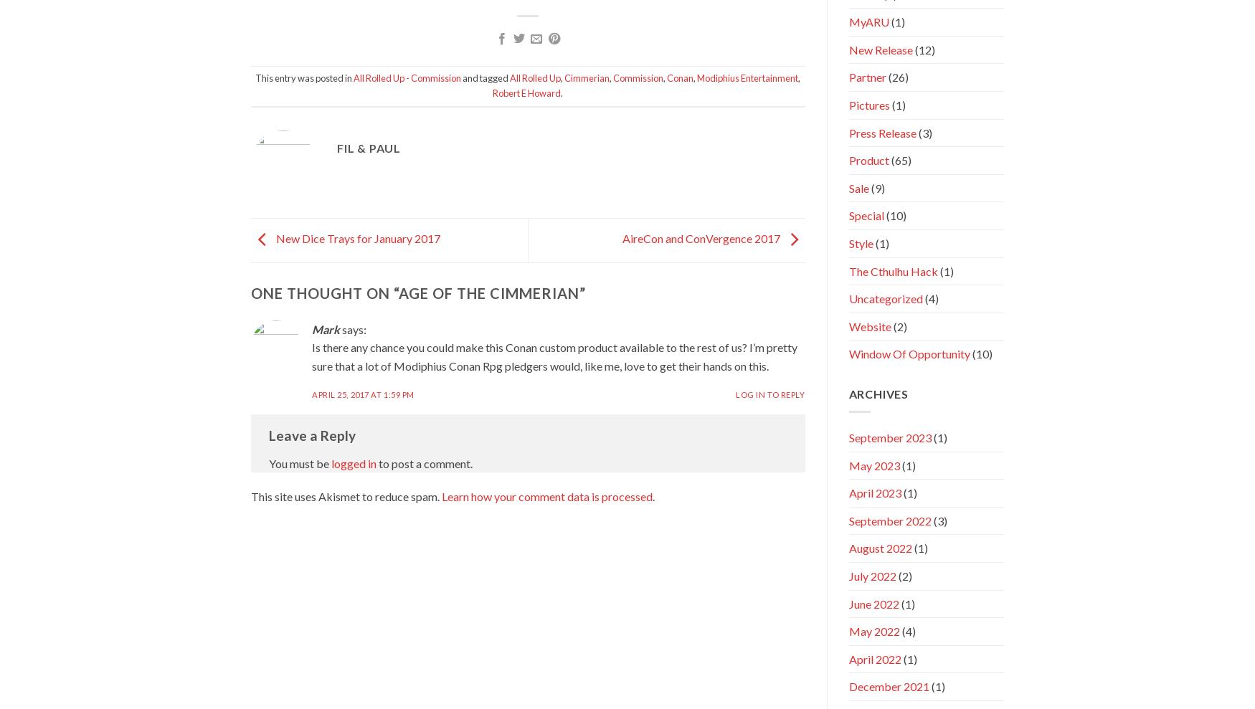 This screenshot has height=709, width=1255. I want to click on 'Modiphius Entertainment', so click(747, 77).